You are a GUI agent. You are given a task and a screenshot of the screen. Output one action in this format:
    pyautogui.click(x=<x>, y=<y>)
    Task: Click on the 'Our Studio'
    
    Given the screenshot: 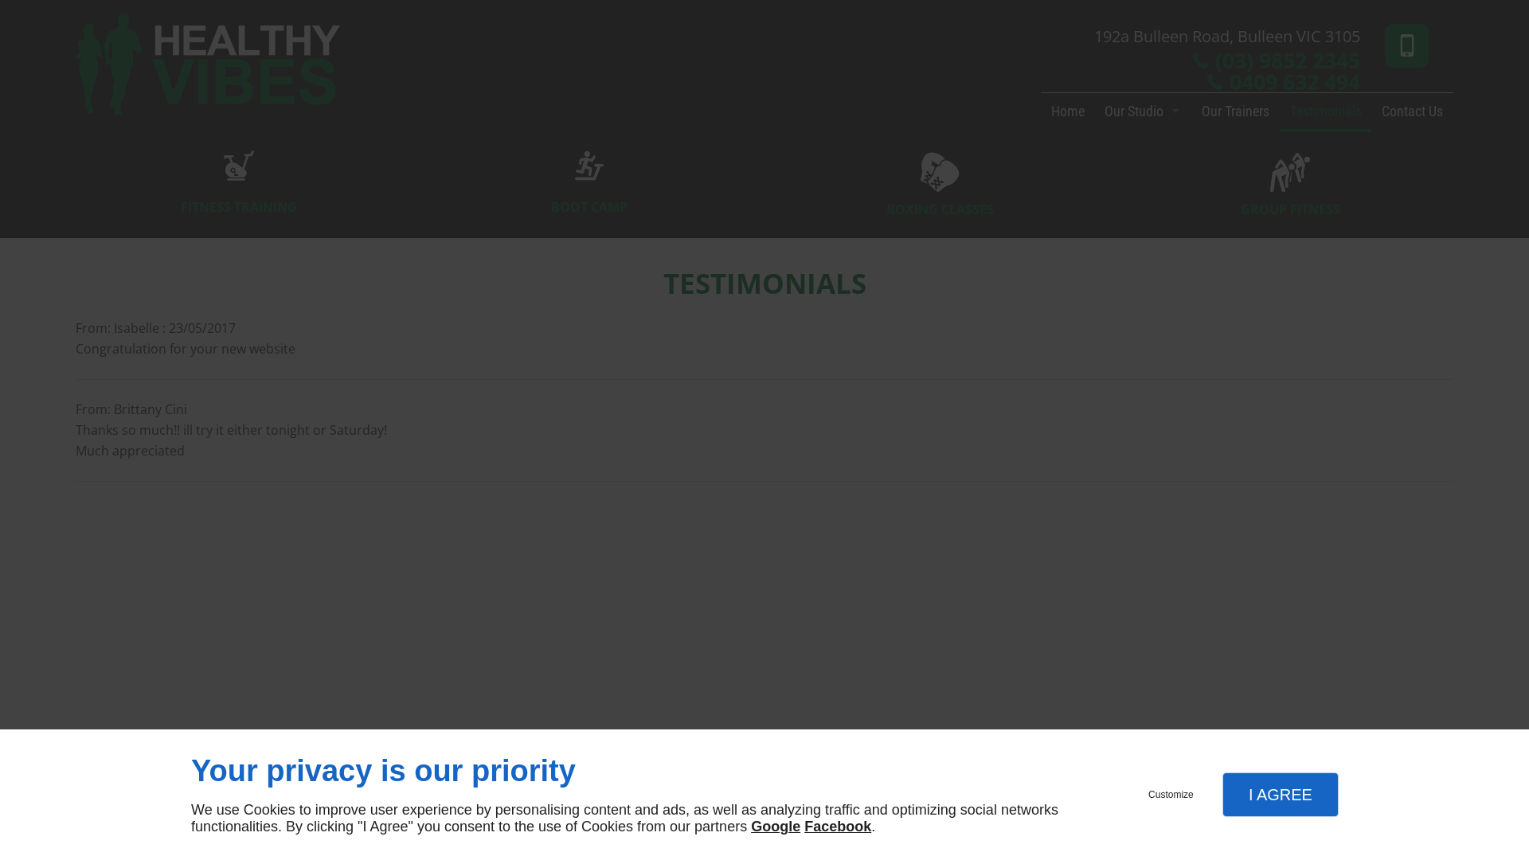 What is the action you would take?
    pyautogui.click(x=1093, y=111)
    